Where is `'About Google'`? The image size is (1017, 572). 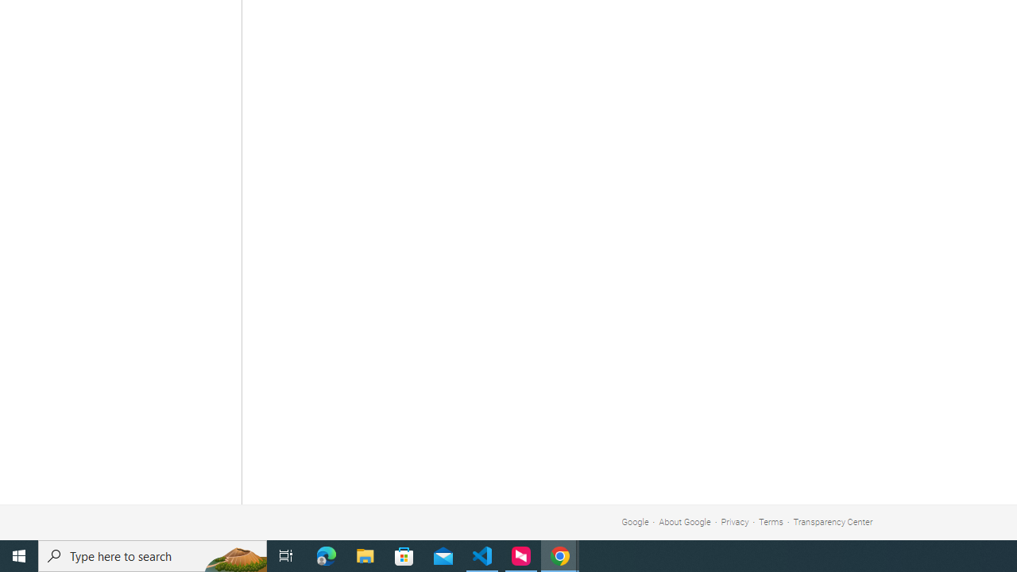
'About Google' is located at coordinates (685, 522).